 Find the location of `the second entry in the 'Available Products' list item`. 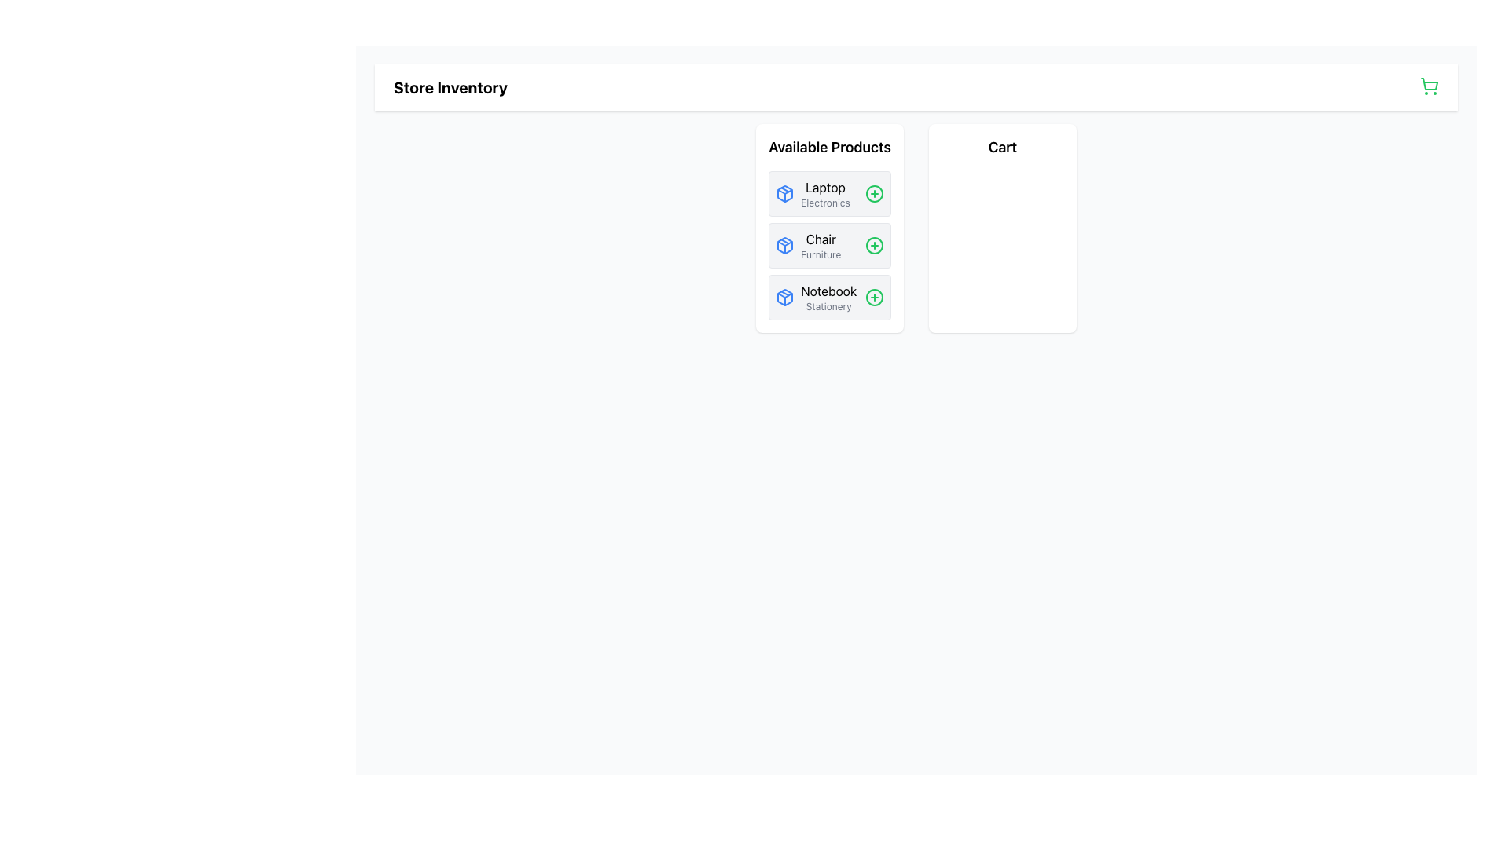

the second entry in the 'Available Products' list item is located at coordinates (829, 228).